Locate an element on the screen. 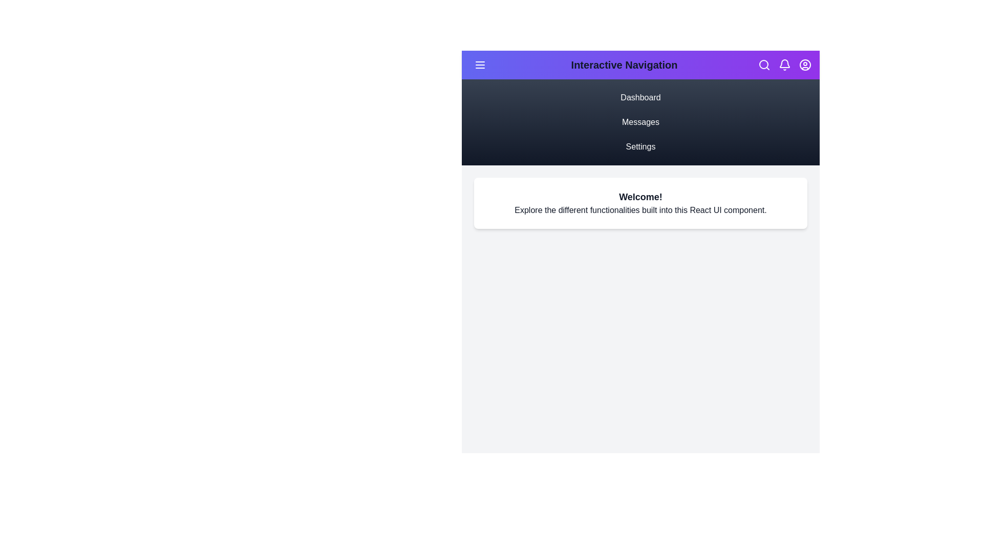 The image size is (983, 553). the 'Dashboard' menu item is located at coordinates (640, 98).